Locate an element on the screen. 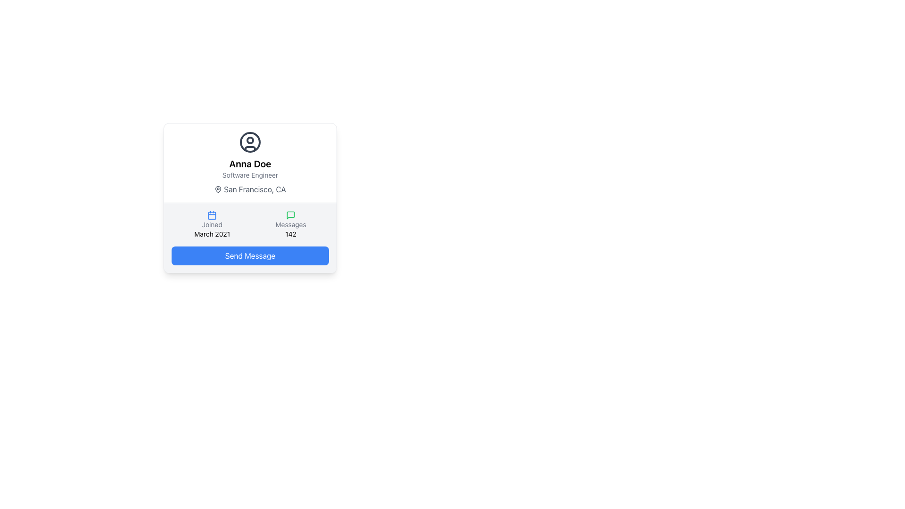  the map pin symbol vector graphic element located in the user profile card near the text 'San Francisco, CA.' is located at coordinates (218, 189).